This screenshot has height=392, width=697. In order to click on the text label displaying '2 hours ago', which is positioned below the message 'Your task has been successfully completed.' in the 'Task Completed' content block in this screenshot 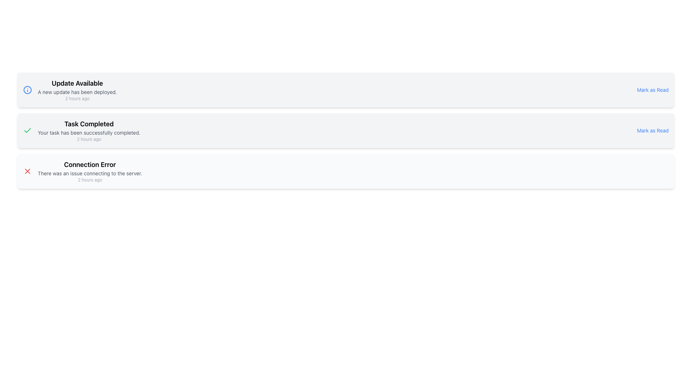, I will do `click(89, 139)`.